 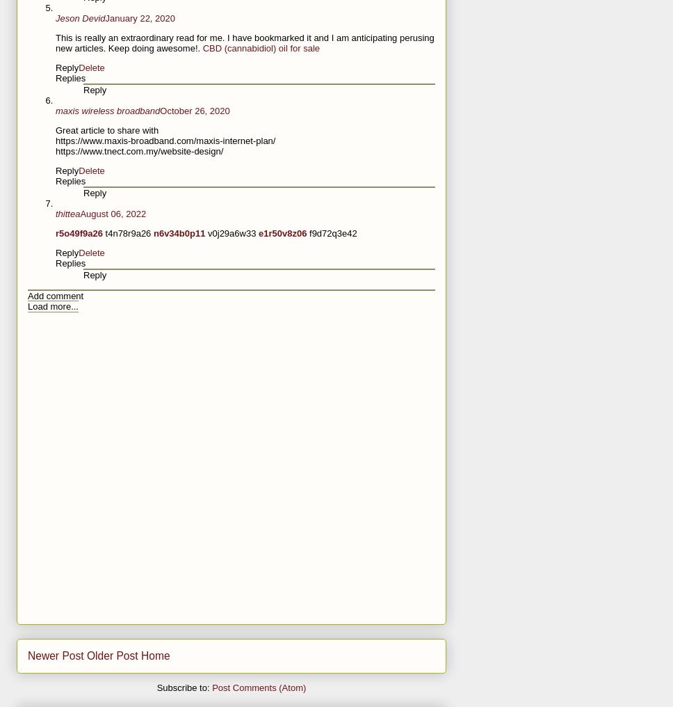 I want to click on 't4n78r9a26', so click(x=104, y=233).